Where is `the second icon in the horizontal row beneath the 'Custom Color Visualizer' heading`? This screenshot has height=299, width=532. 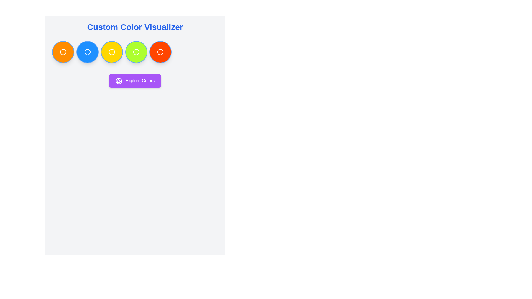
the second icon in the horizontal row beneath the 'Custom Color Visualizer' heading is located at coordinates (87, 52).